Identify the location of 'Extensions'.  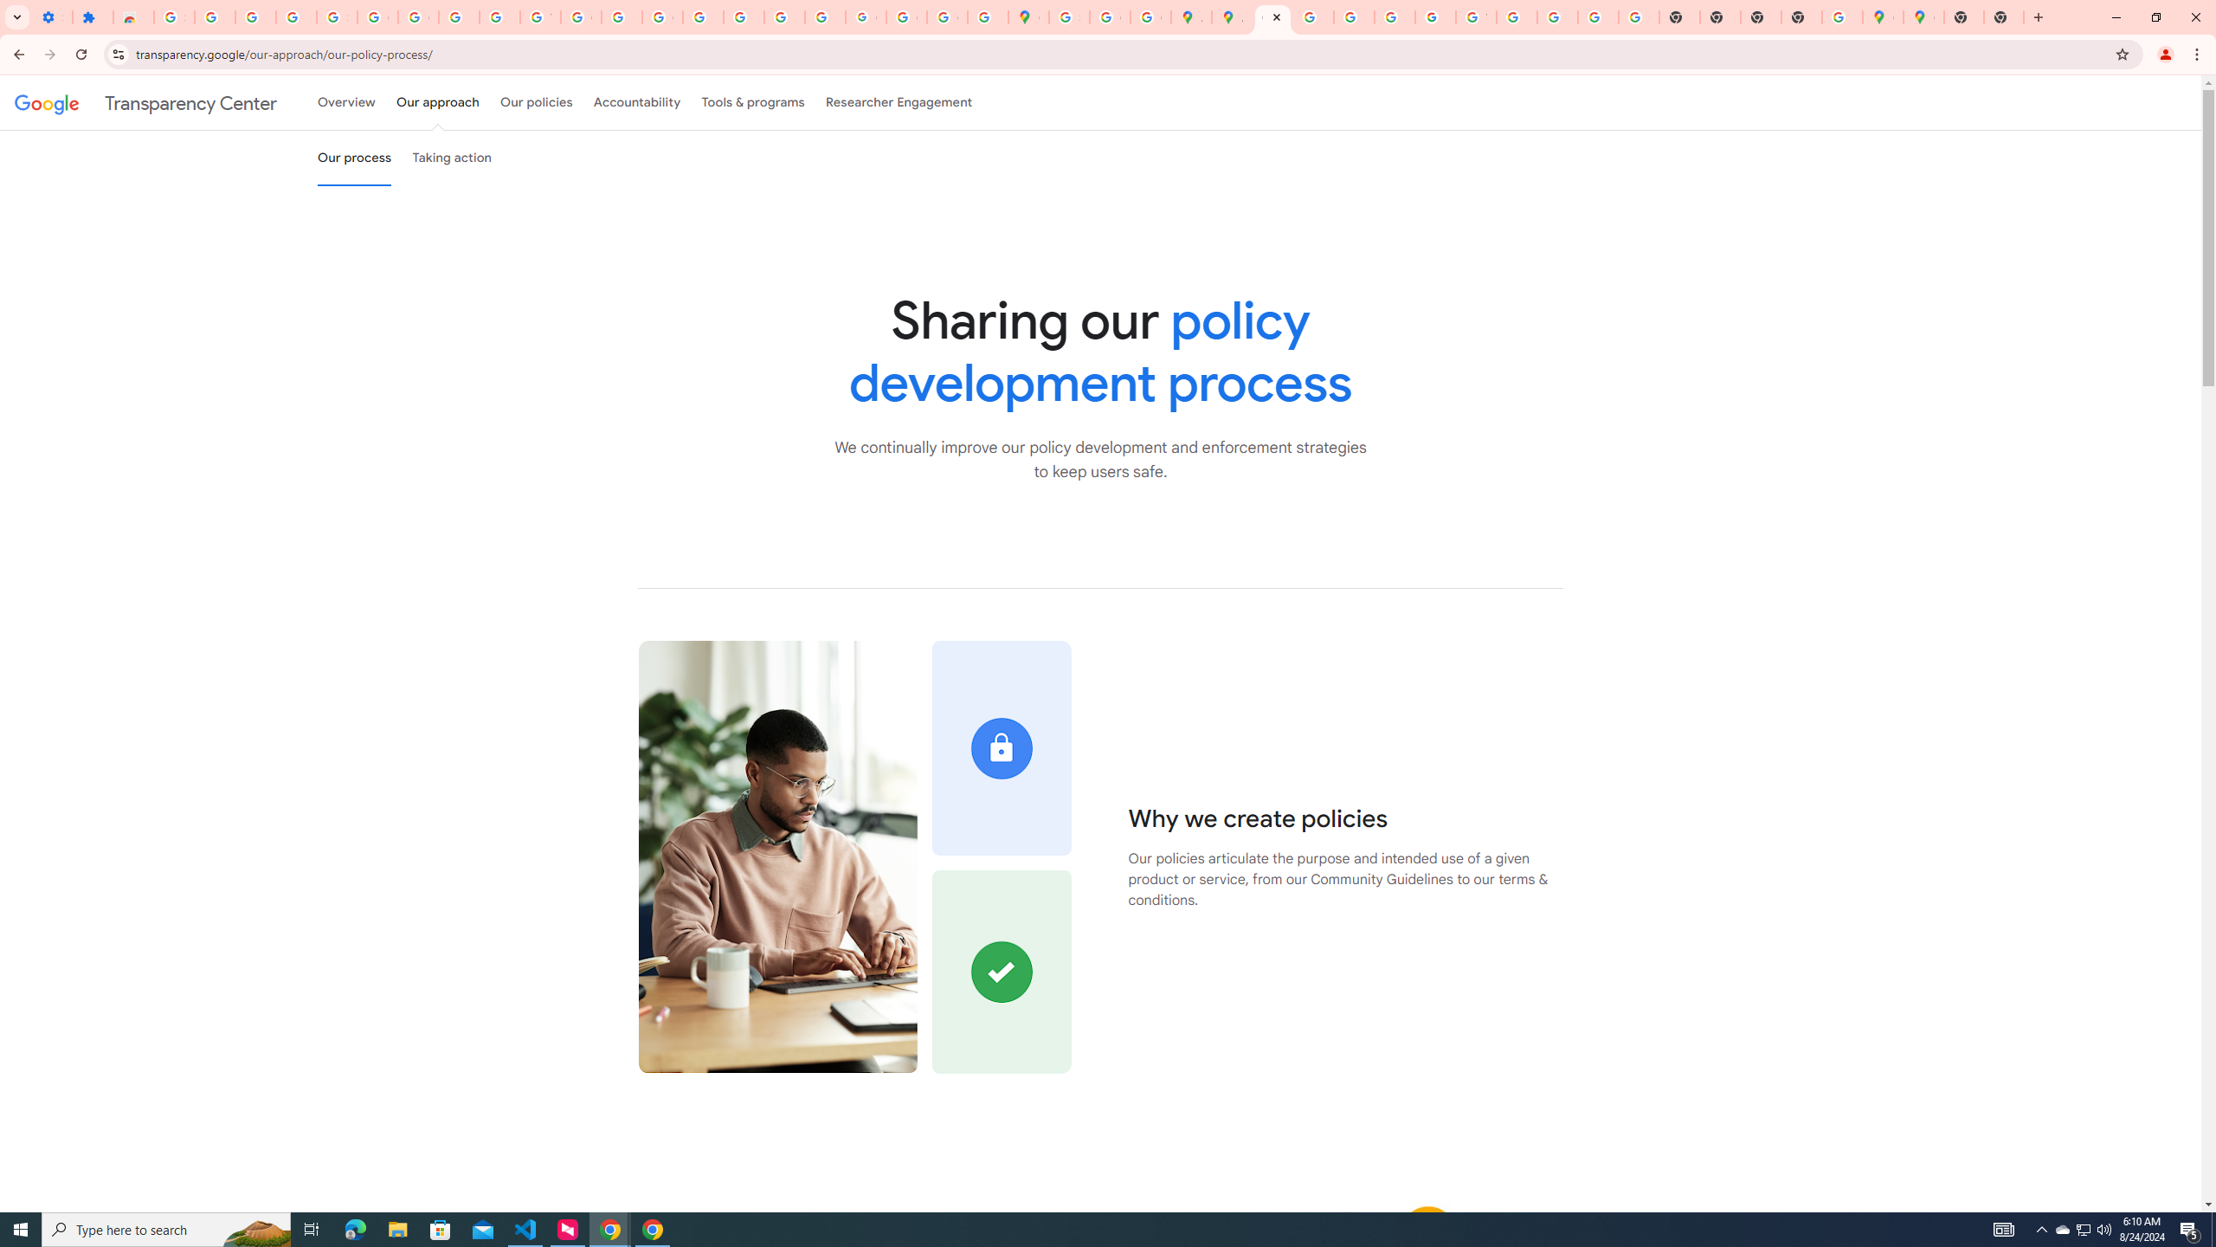
(92, 16).